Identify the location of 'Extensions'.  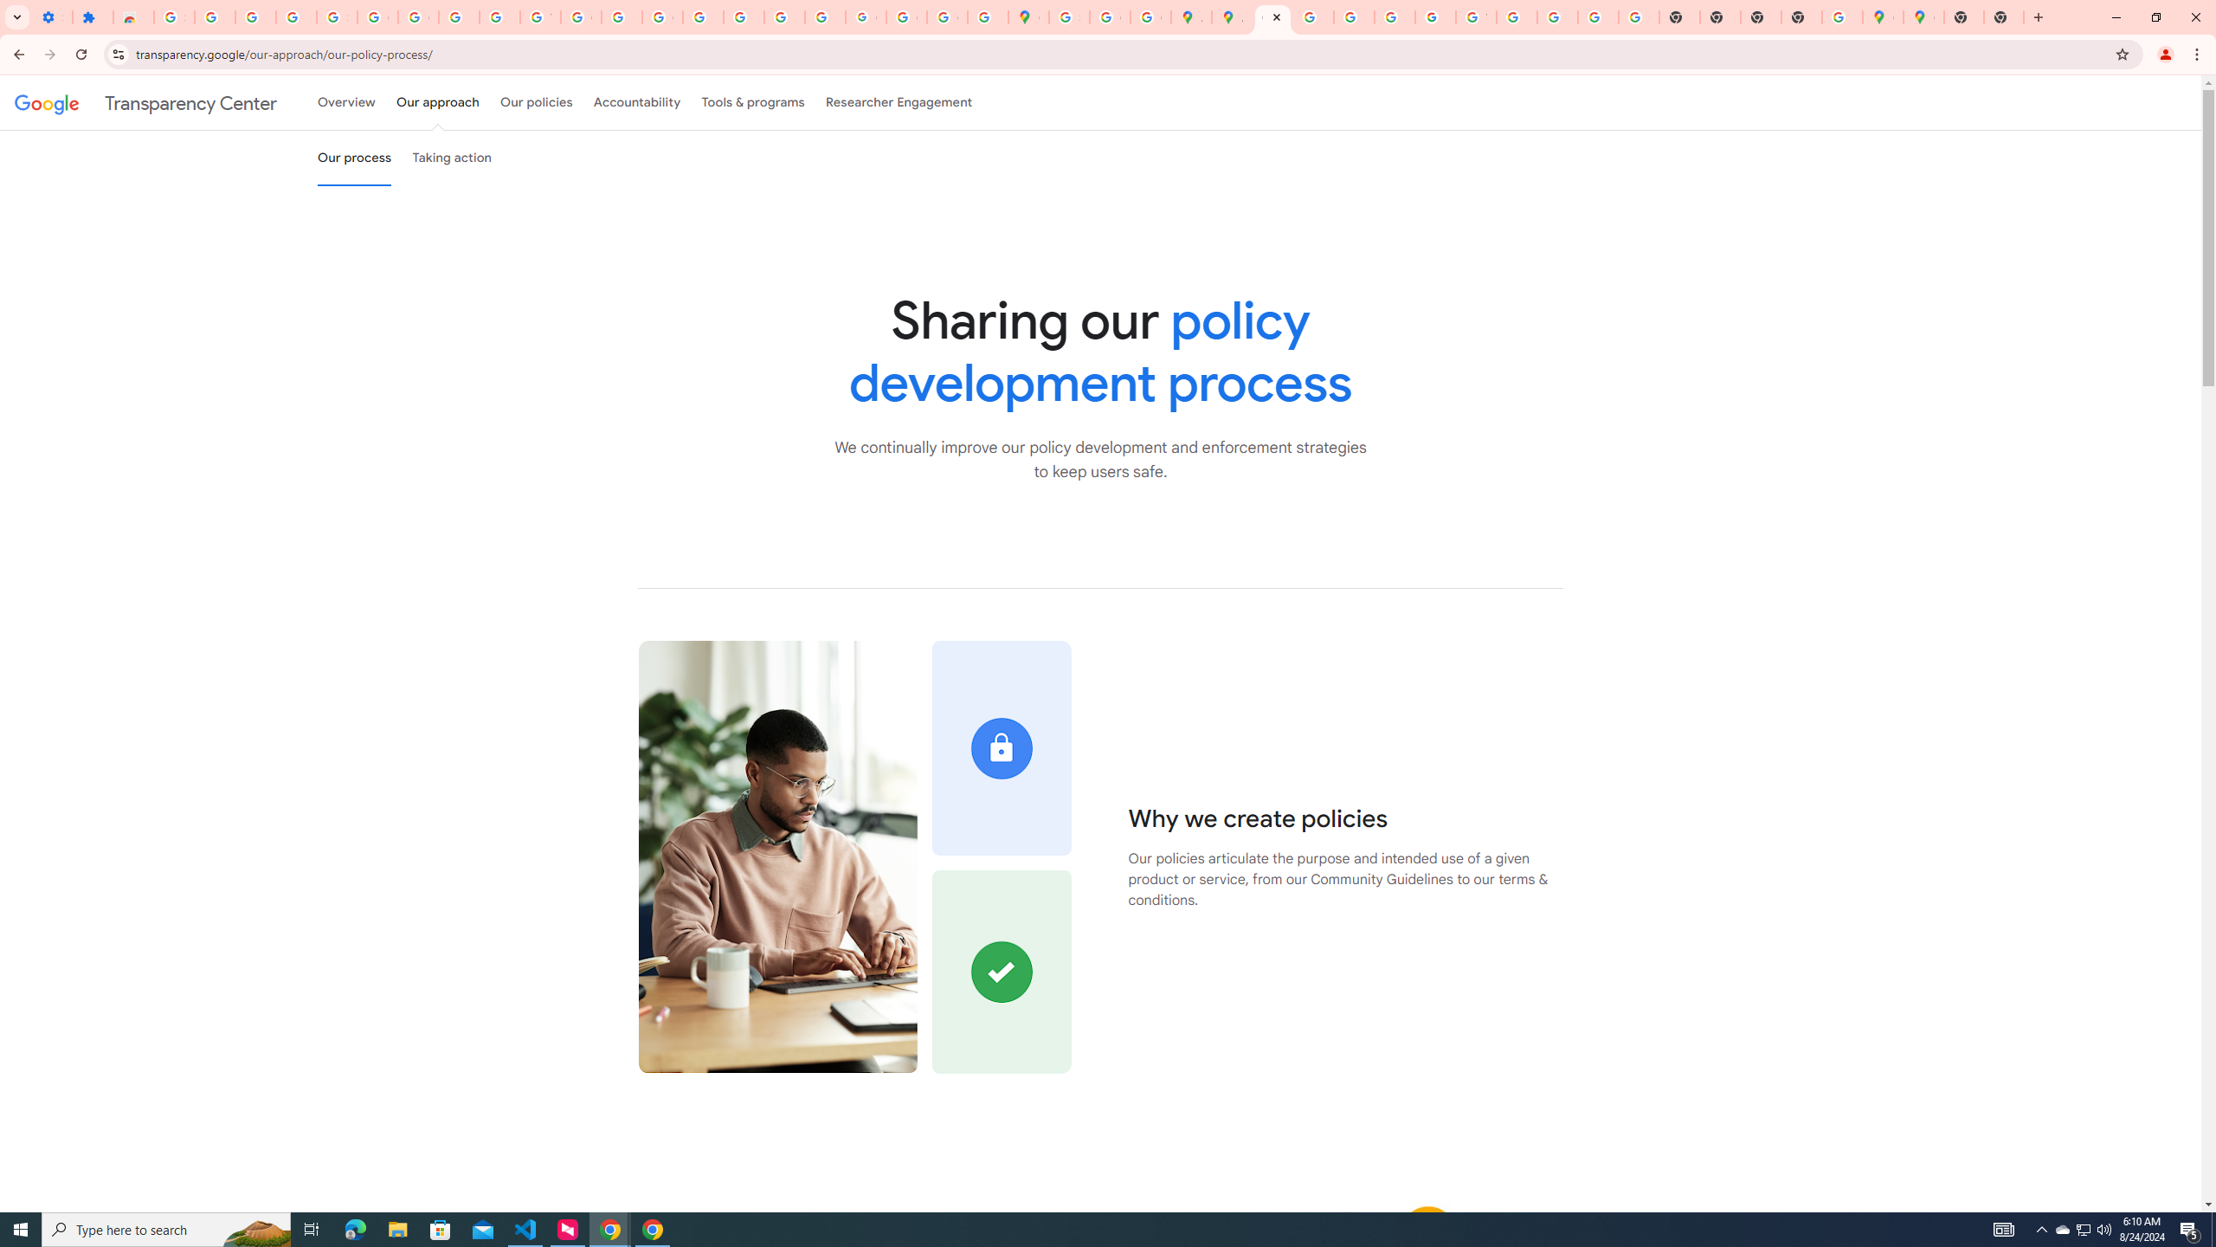
(92, 16).